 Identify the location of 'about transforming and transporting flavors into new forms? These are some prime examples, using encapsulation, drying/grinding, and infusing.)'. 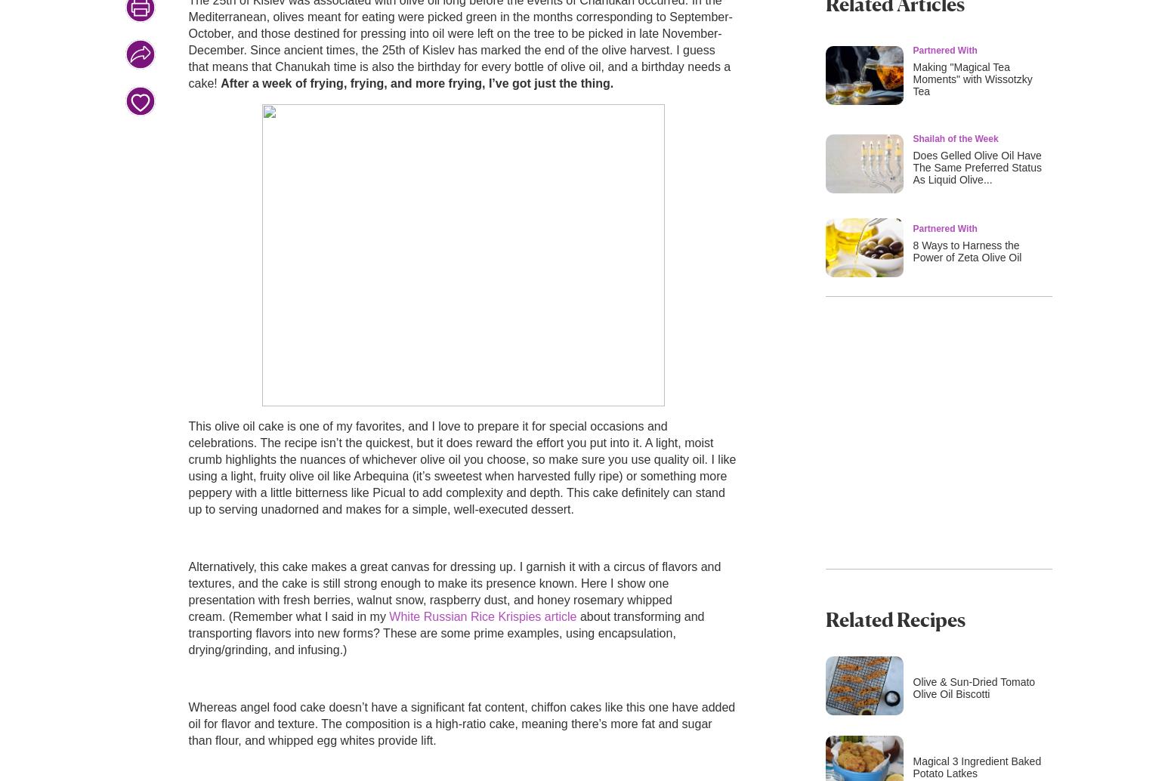
(446, 632).